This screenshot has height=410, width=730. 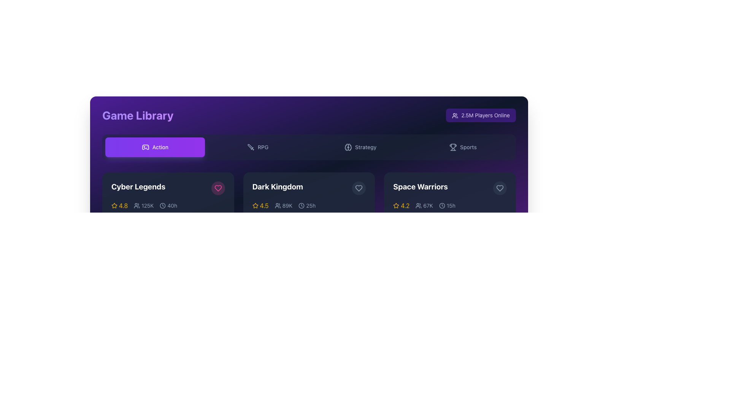 What do you see at coordinates (251, 147) in the screenshot?
I see `the small sword icon SVG graphic, which is located to the left of the 'RPG' text in the navigation row` at bounding box center [251, 147].